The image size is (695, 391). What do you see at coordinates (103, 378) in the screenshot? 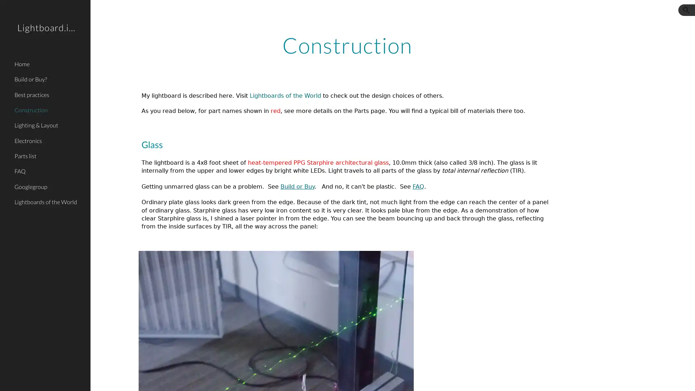
I see `Site actions` at bounding box center [103, 378].